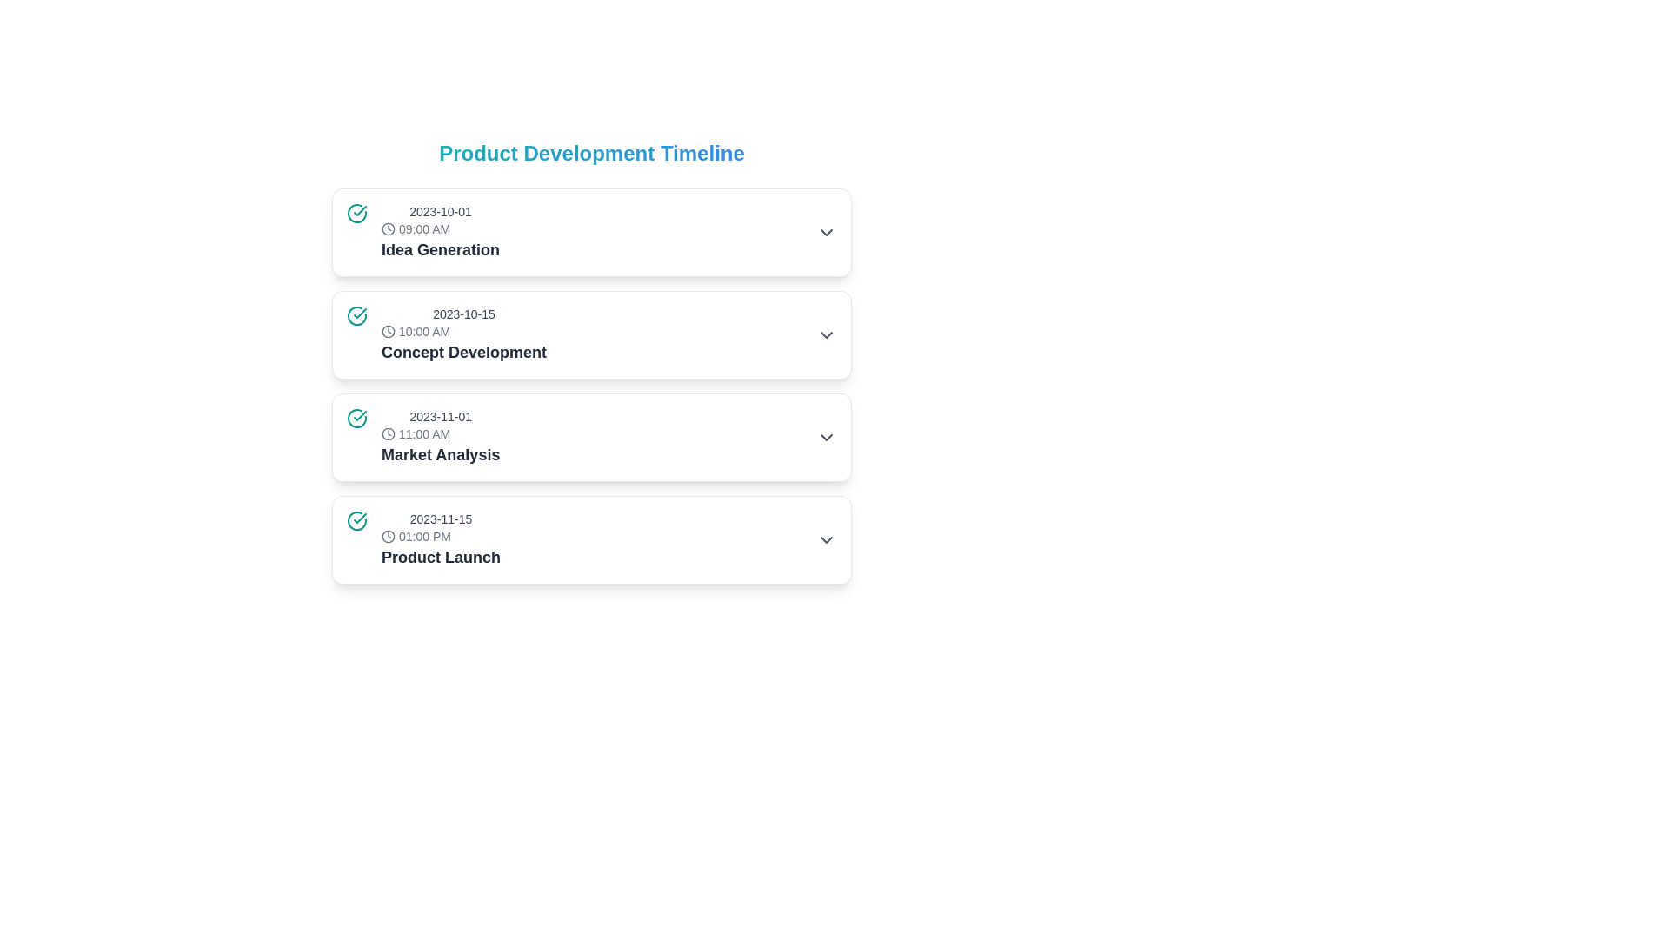 The width and height of the screenshot is (1669, 938). Describe the element at coordinates (825, 231) in the screenshot. I see `the downward-pointing chevron icon styled in gray, located at the far right of the topmost card labeled '2023-10-01 09:00 AM Idea Generation' within the 'Product Development Timeline' list` at that location.